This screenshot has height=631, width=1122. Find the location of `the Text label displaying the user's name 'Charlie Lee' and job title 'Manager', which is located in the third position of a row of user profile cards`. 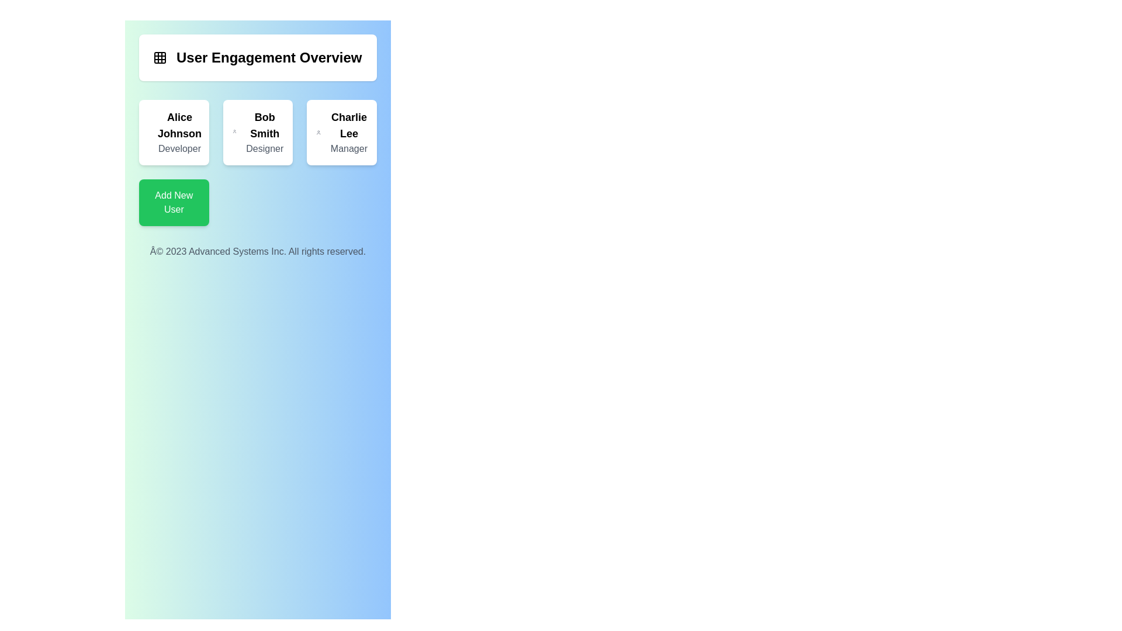

the Text label displaying the user's name 'Charlie Lee' and job title 'Manager', which is located in the third position of a row of user profile cards is located at coordinates (348, 132).